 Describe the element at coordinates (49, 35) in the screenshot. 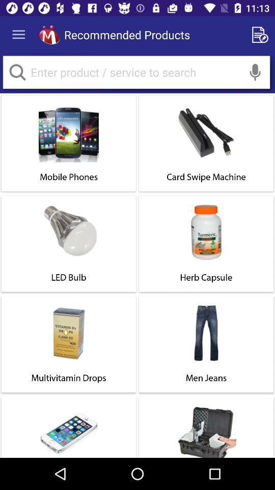

I see `head to homepage` at that location.